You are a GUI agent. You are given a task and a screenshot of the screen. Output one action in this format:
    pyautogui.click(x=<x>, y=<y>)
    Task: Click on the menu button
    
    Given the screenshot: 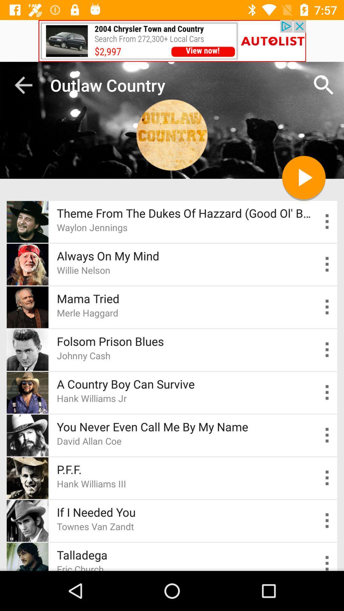 What is the action you would take?
    pyautogui.click(x=327, y=435)
    